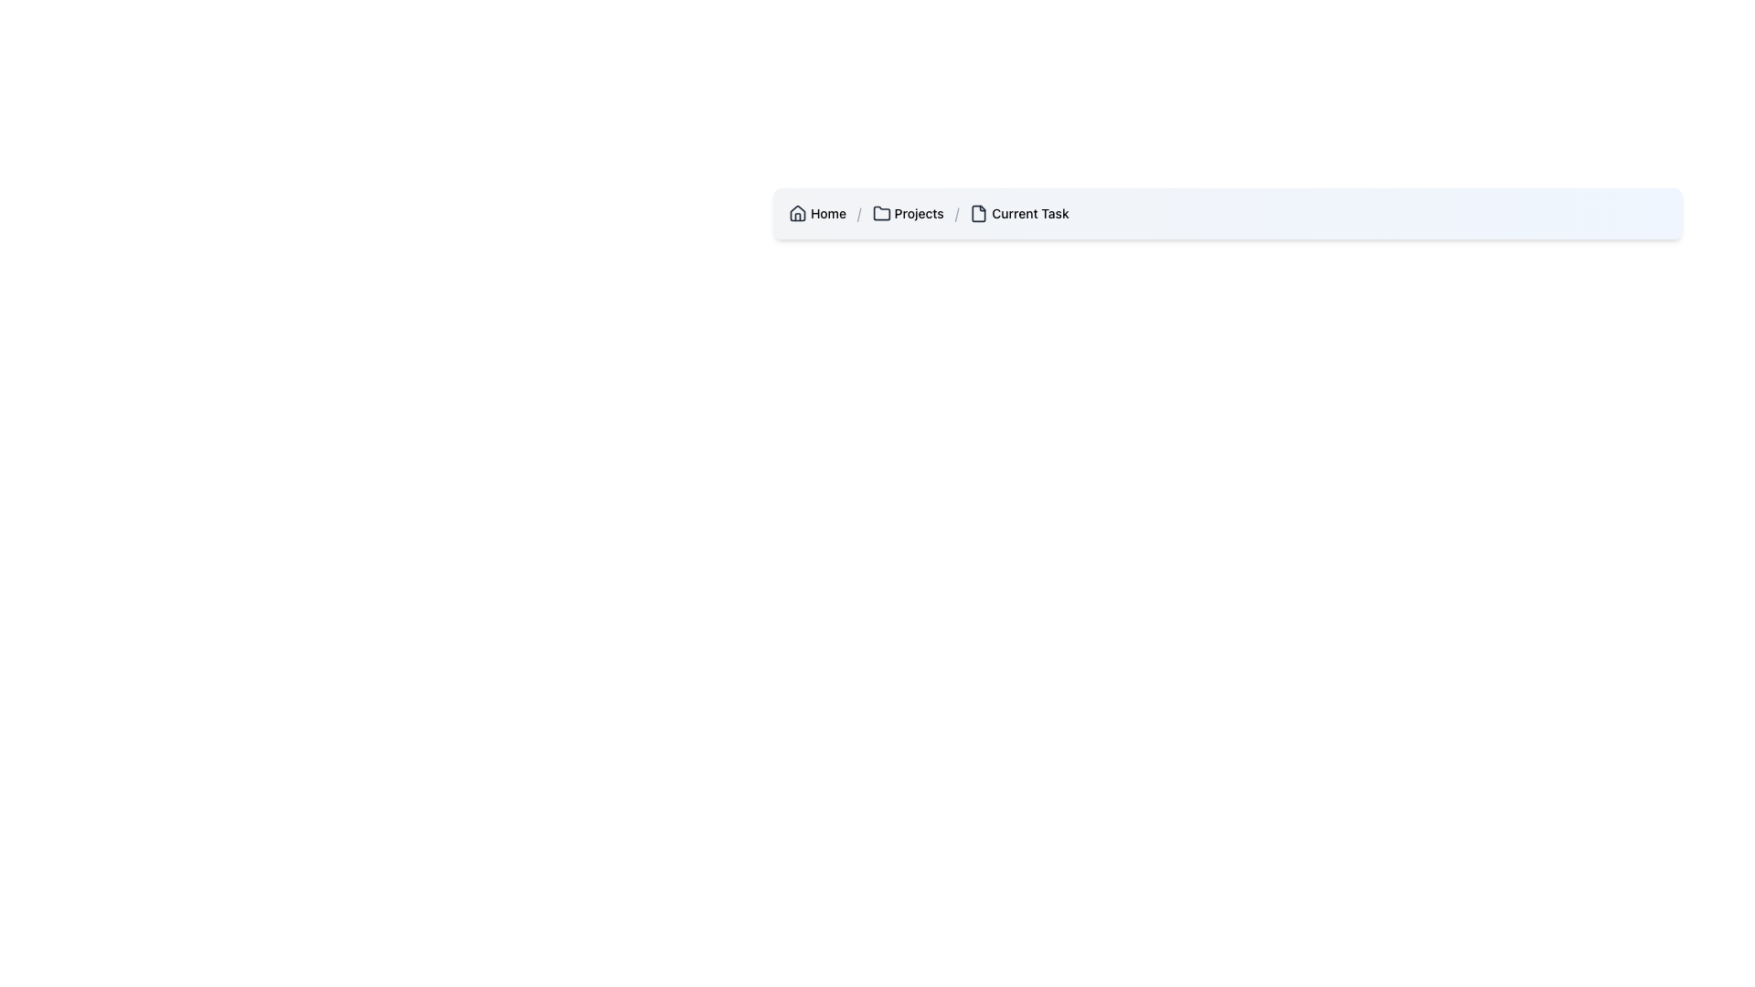  Describe the element at coordinates (1228, 213) in the screenshot. I see `the individual sections of the Breadcrumb navigation bar` at that location.